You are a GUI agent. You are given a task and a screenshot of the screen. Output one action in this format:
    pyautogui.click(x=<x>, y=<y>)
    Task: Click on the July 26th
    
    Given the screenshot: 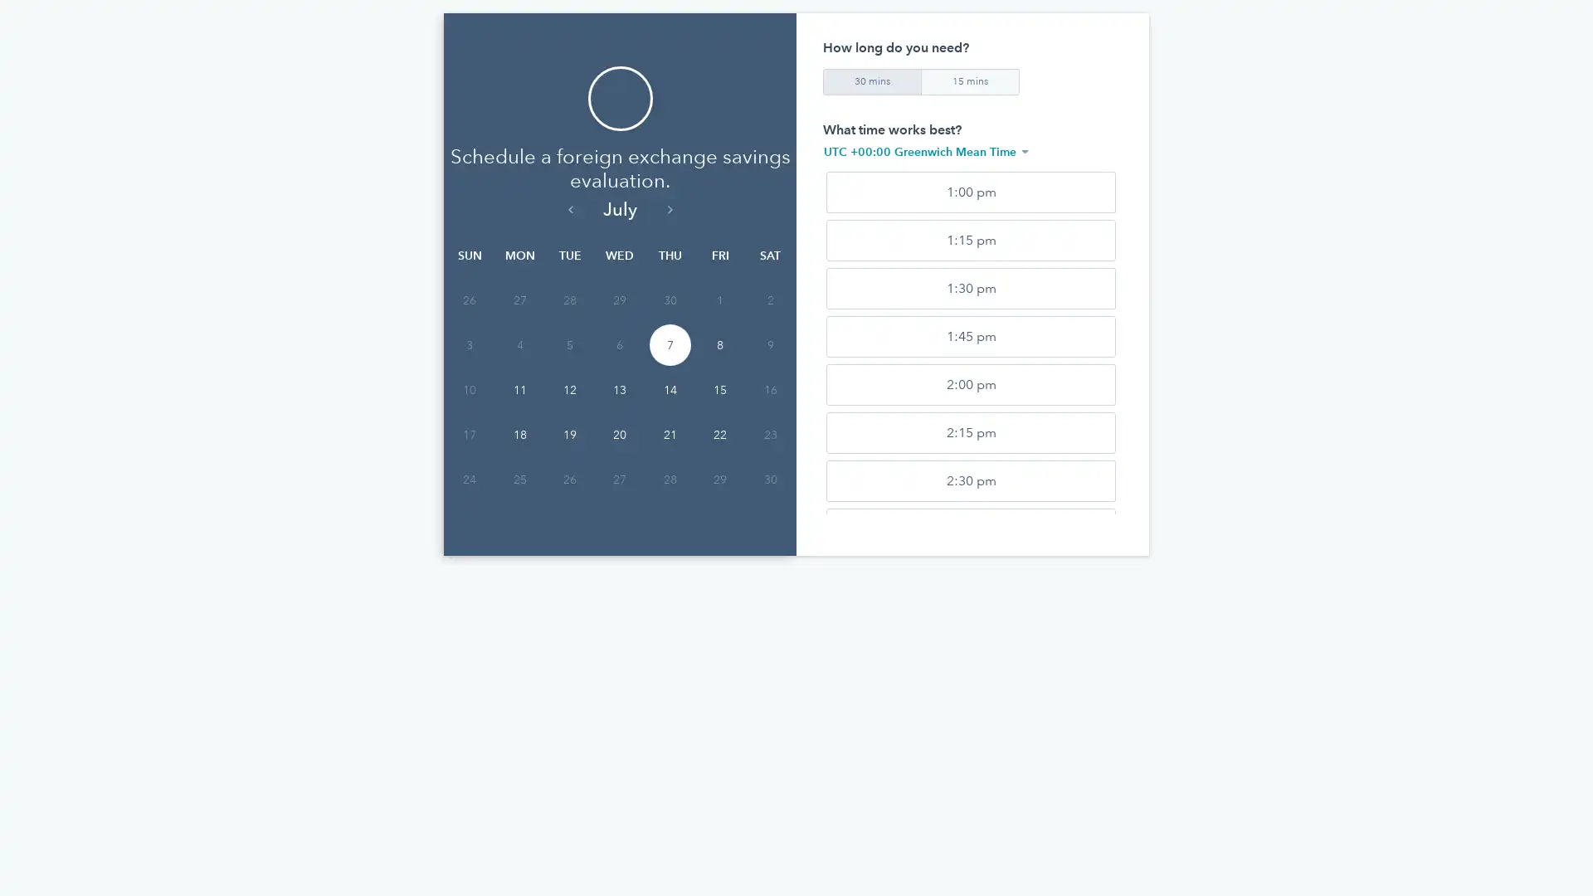 What is the action you would take?
    pyautogui.click(x=569, y=480)
    